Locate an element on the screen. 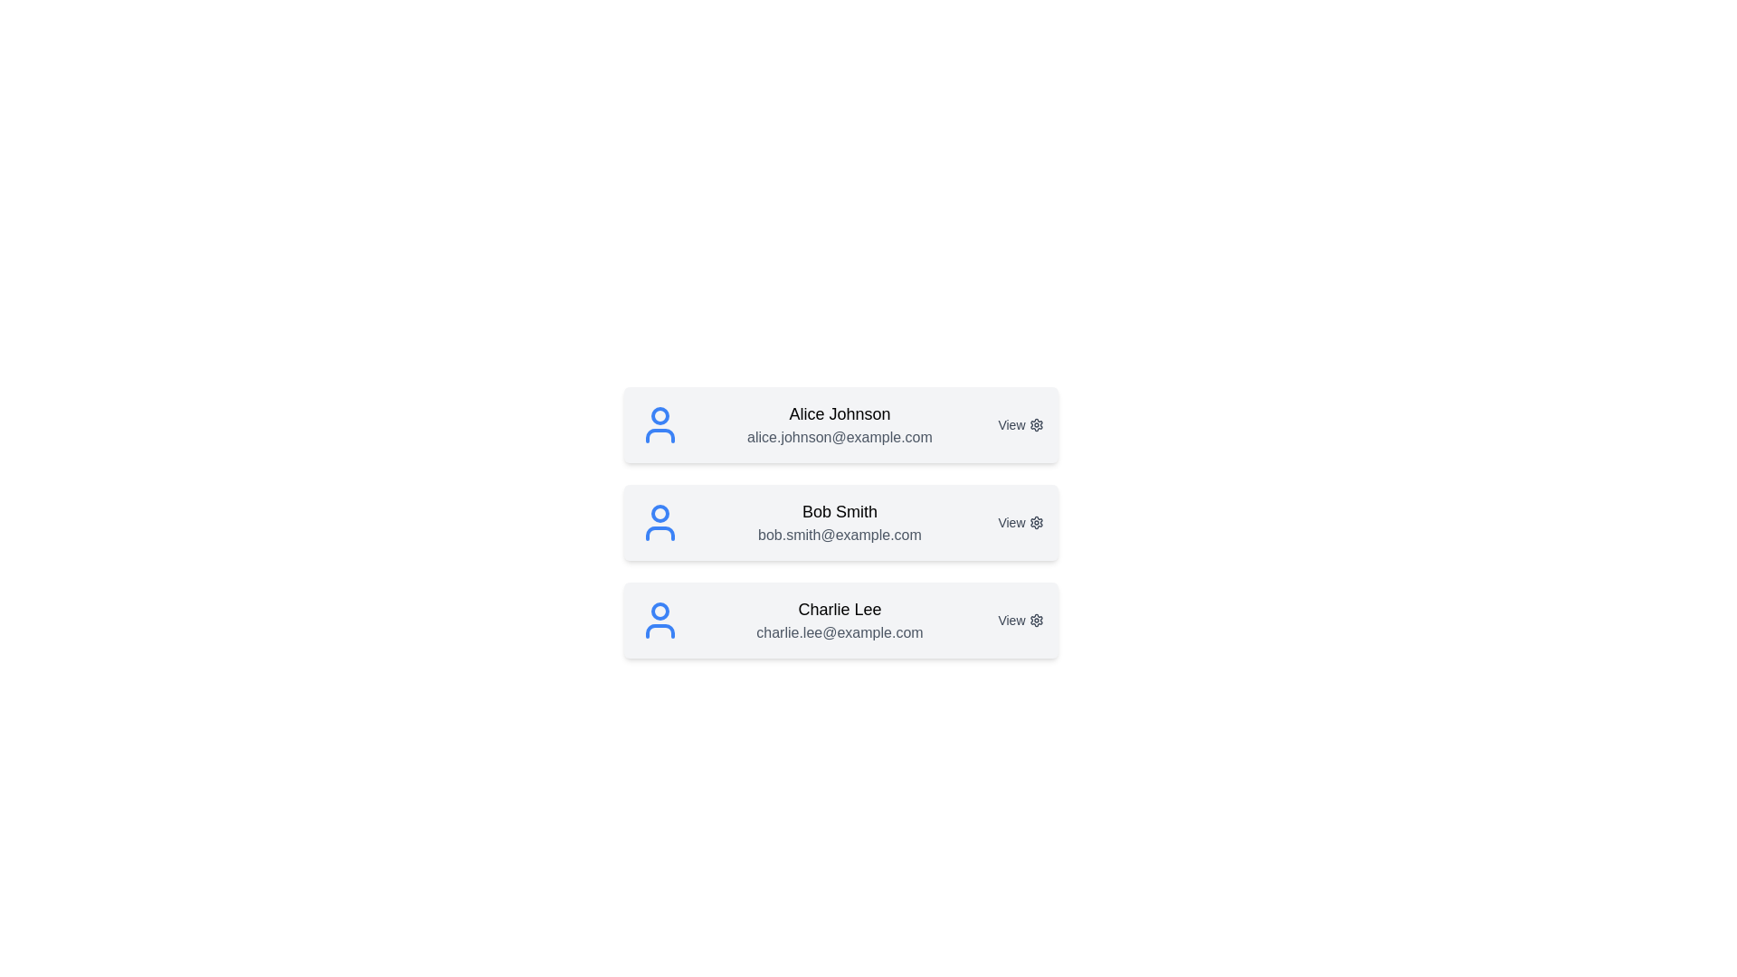 This screenshot has width=1737, height=977. the static text block displaying 'Bob Smith' and 'bob.smith@example.com', located centrally between 'Alice Johnson' and 'Charlie Lee' is located at coordinates (839, 523).